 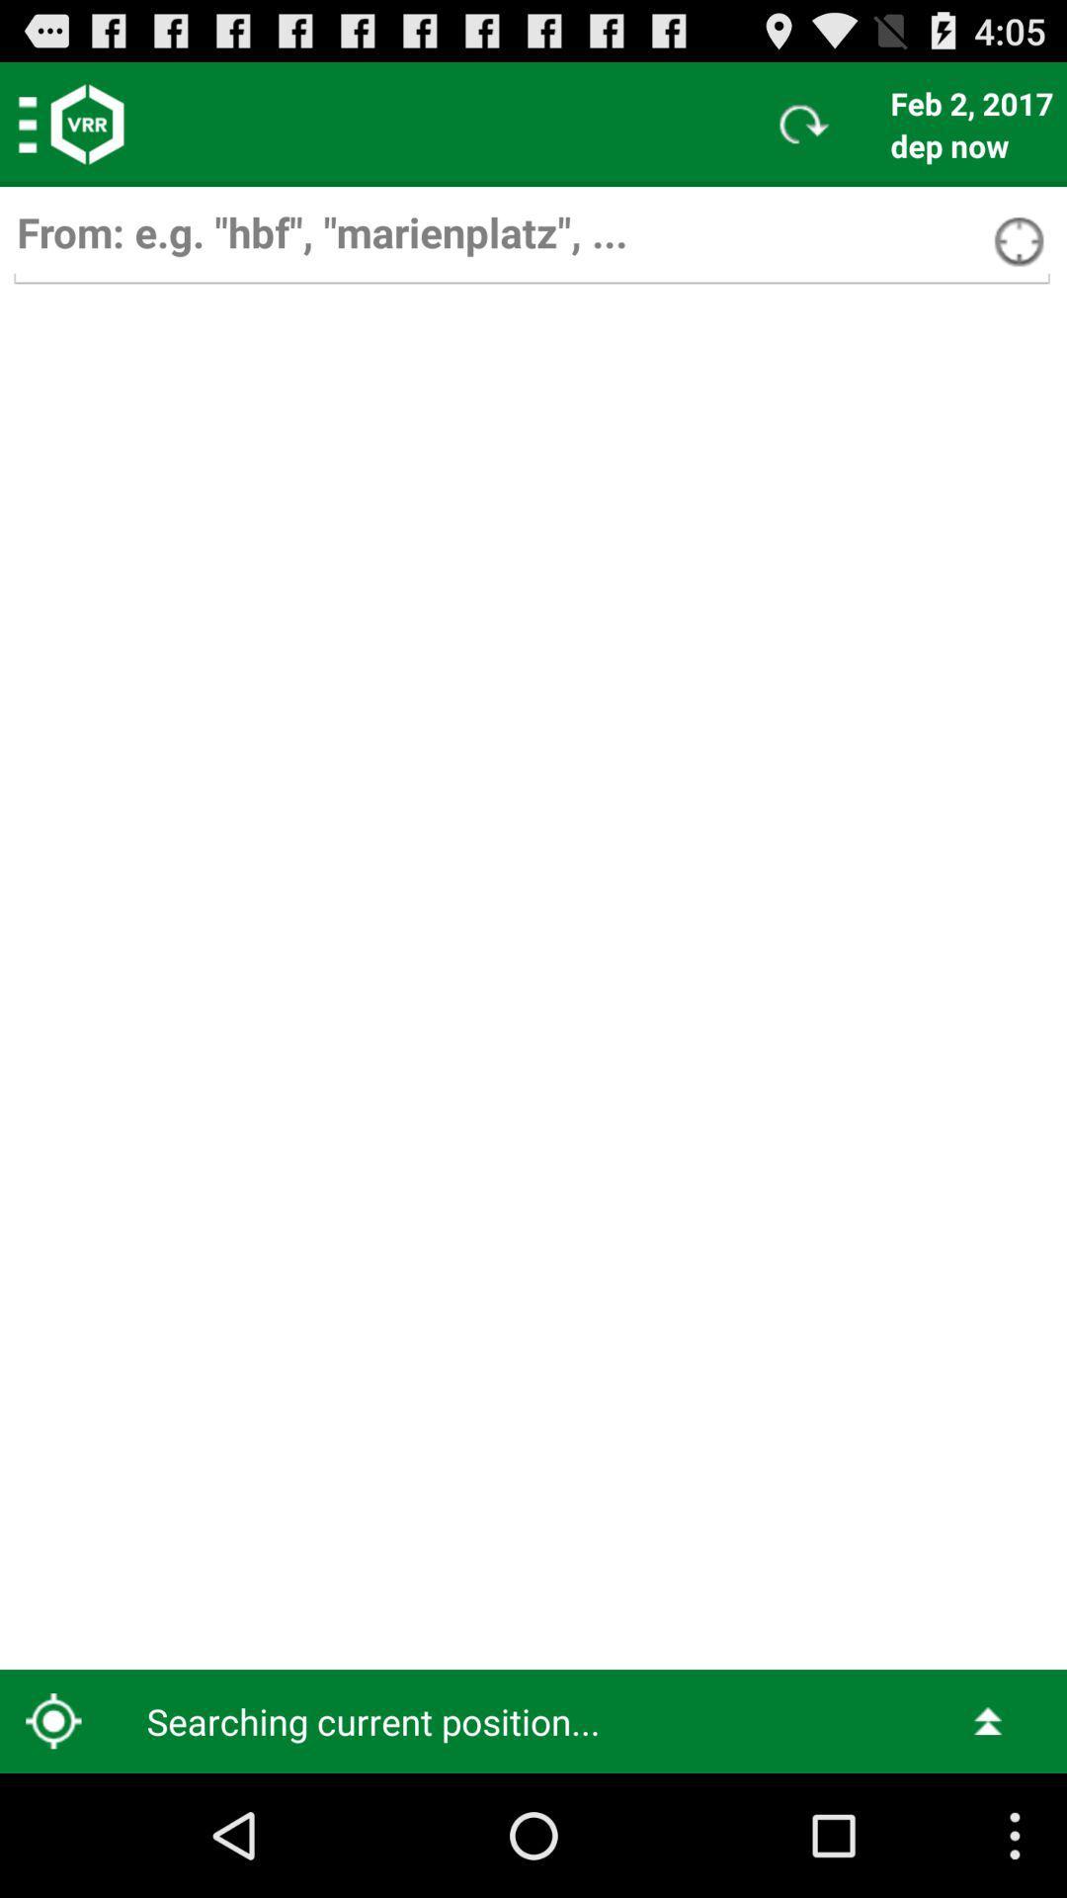 I want to click on app to the left of feb 2, 2017 item, so click(x=804, y=123).